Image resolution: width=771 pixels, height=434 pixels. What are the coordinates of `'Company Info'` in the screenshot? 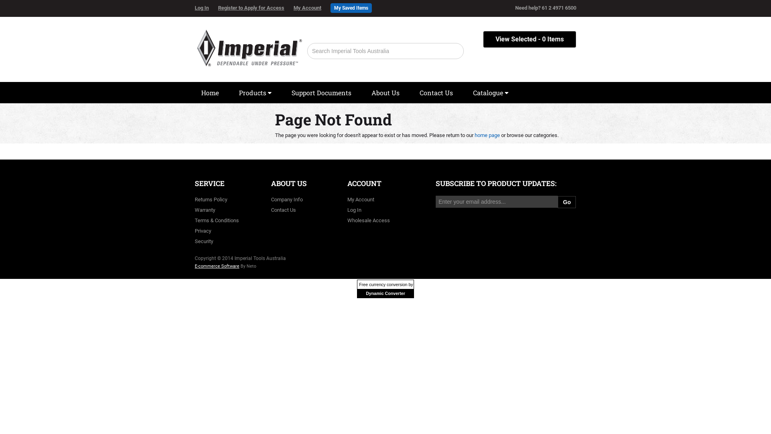 It's located at (287, 199).